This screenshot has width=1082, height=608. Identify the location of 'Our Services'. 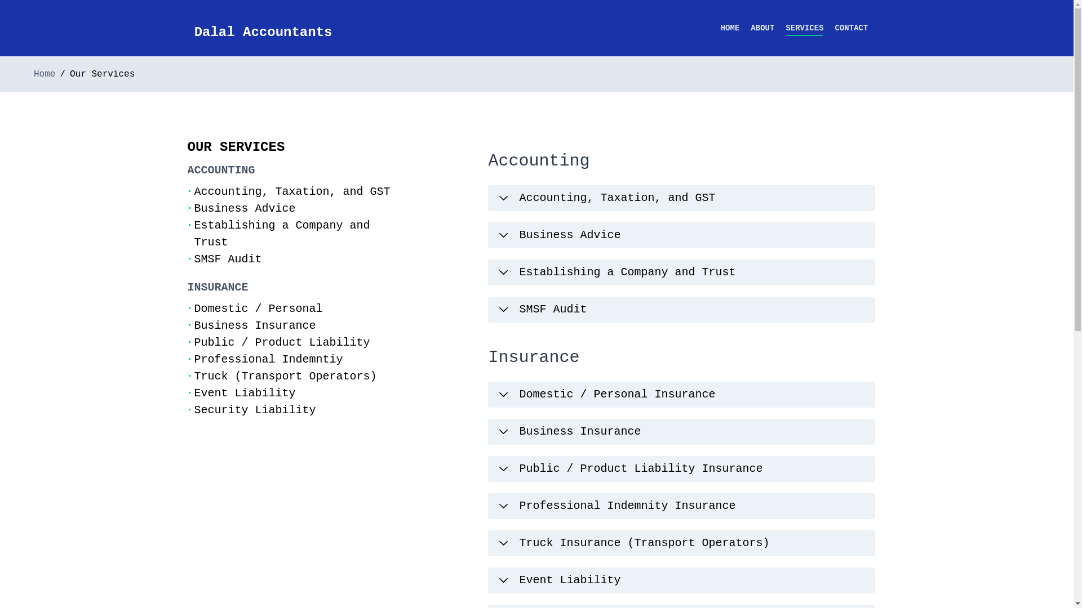
(102, 74).